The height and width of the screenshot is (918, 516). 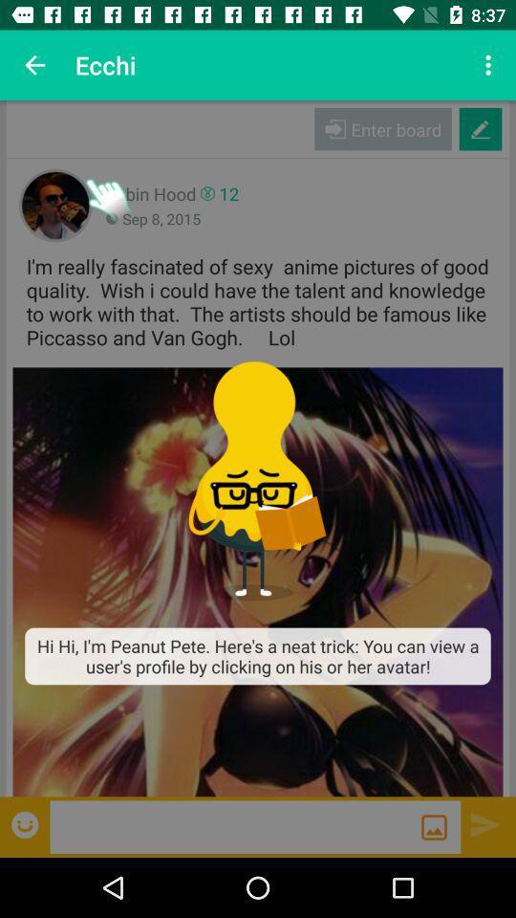 What do you see at coordinates (258, 580) in the screenshot?
I see `the item below i m really` at bounding box center [258, 580].